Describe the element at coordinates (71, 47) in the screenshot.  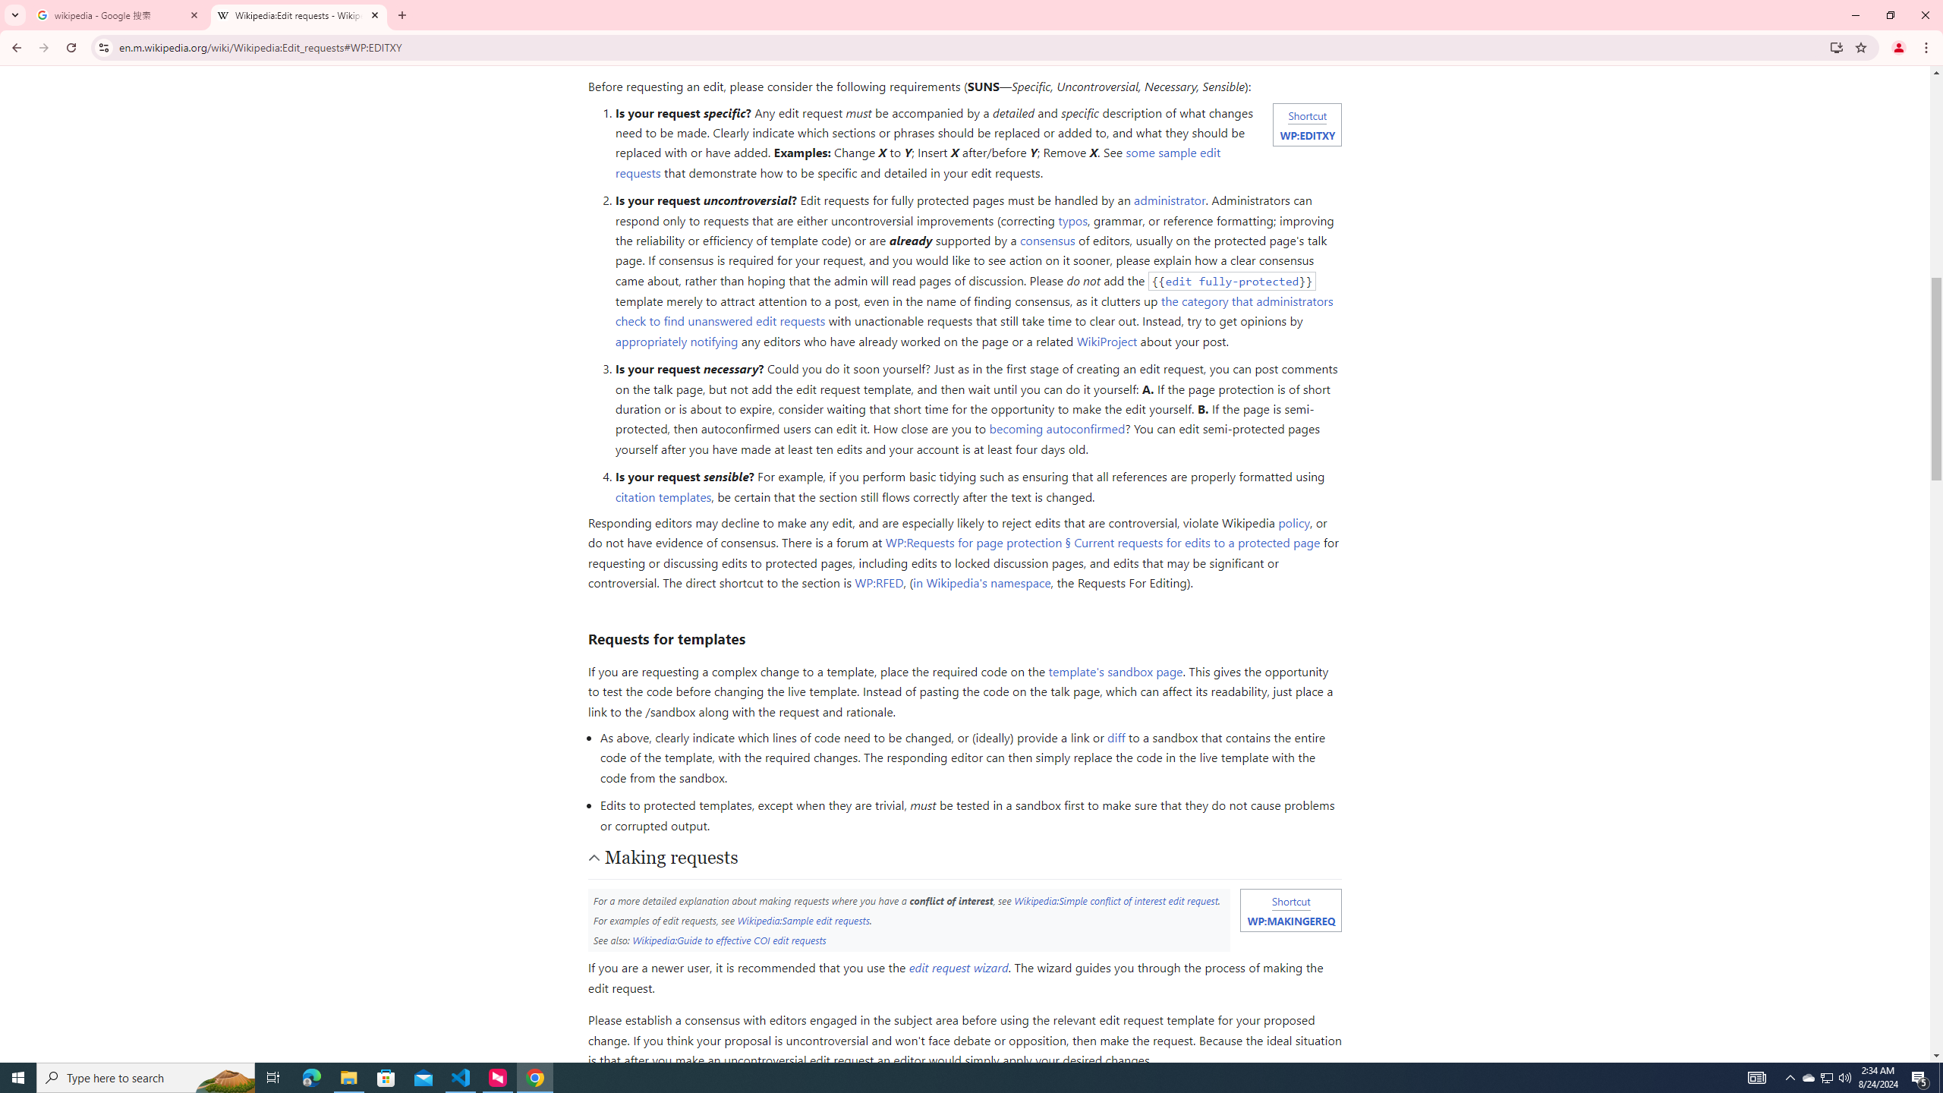
I see `'Reload'` at that location.